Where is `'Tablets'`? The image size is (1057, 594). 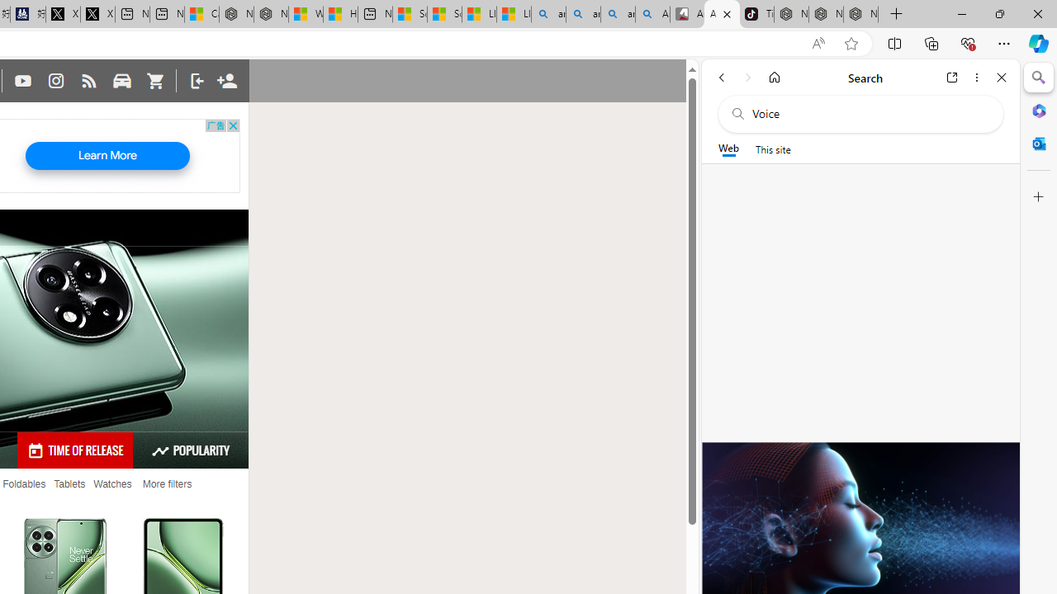
'Tablets' is located at coordinates (69, 483).